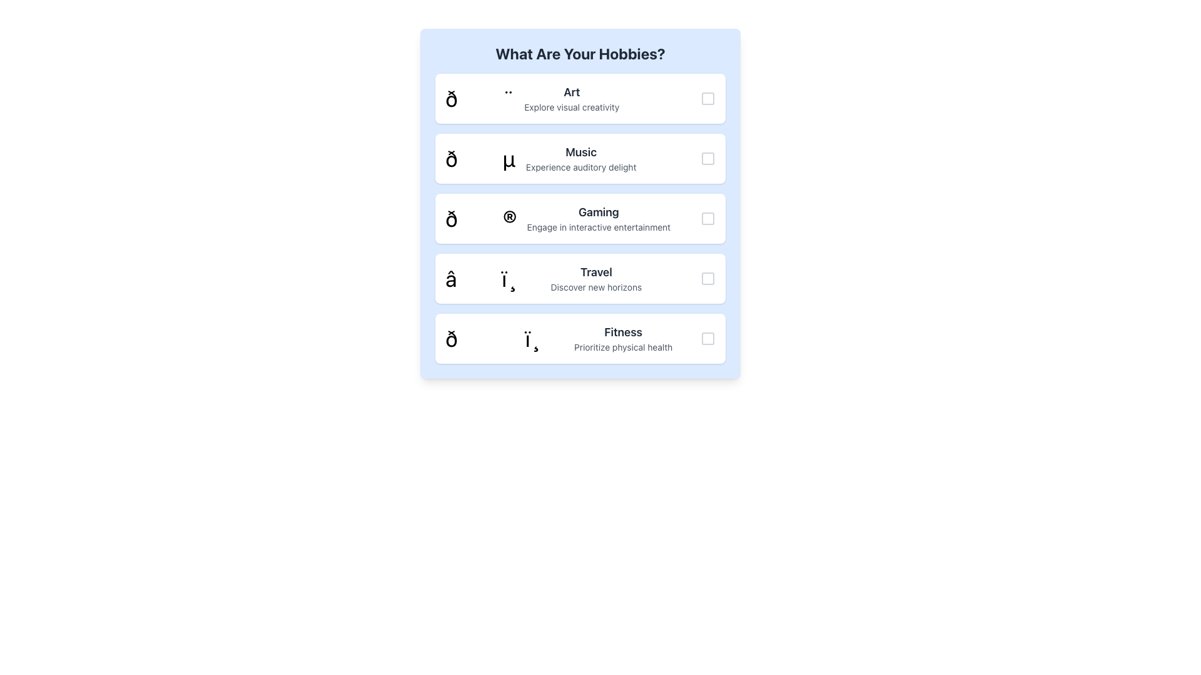 The height and width of the screenshot is (675, 1201). Describe the element at coordinates (708, 339) in the screenshot. I see `the interactive checkbox for the 'Fitness' option` at that location.